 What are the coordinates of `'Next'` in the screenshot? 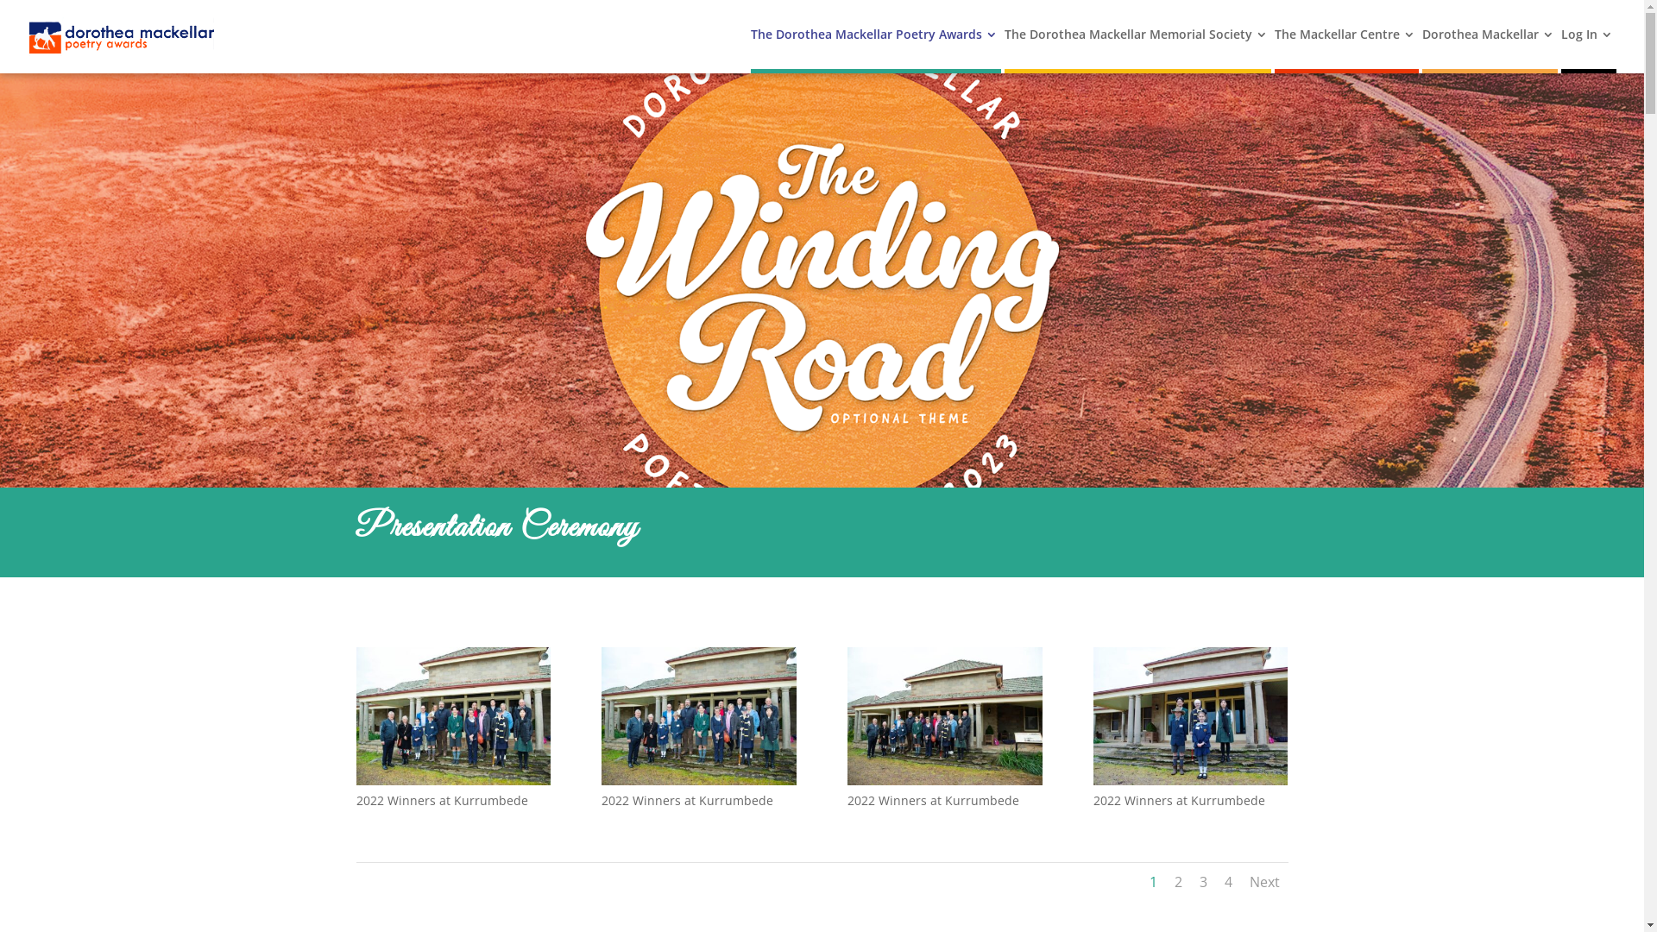 It's located at (1264, 882).